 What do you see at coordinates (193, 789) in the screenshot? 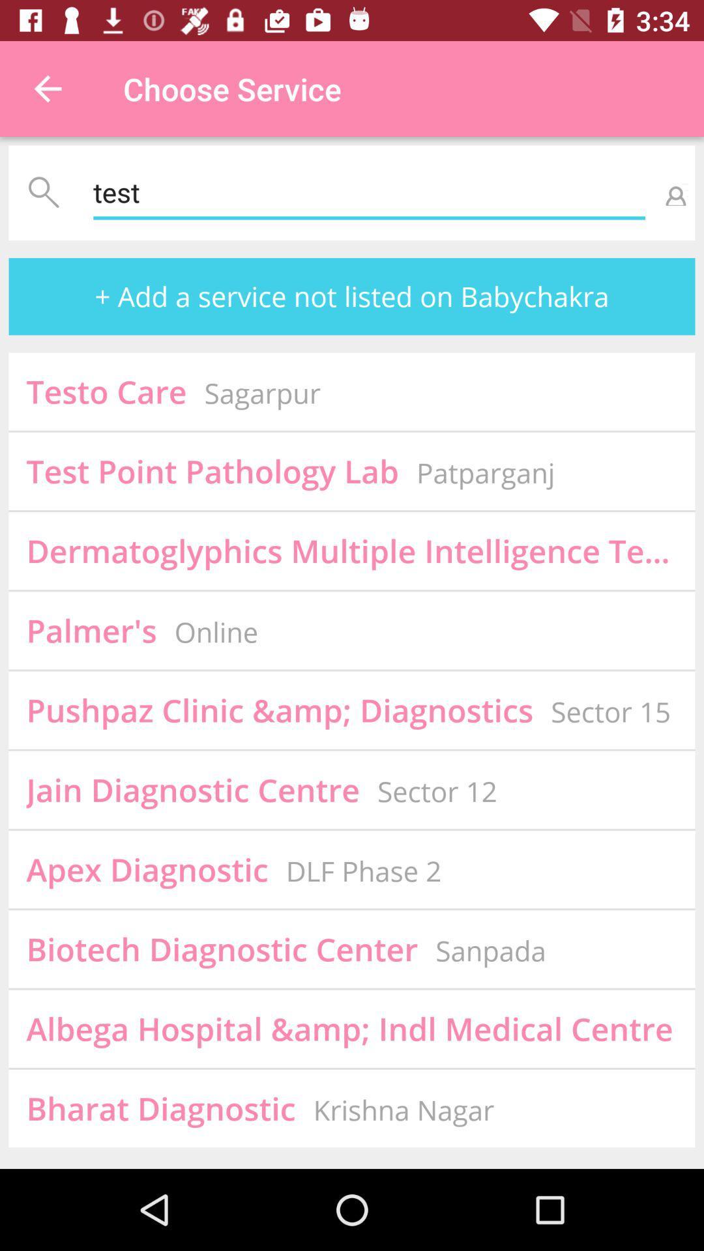
I see `the item below the pushpaz clinic amp icon` at bounding box center [193, 789].